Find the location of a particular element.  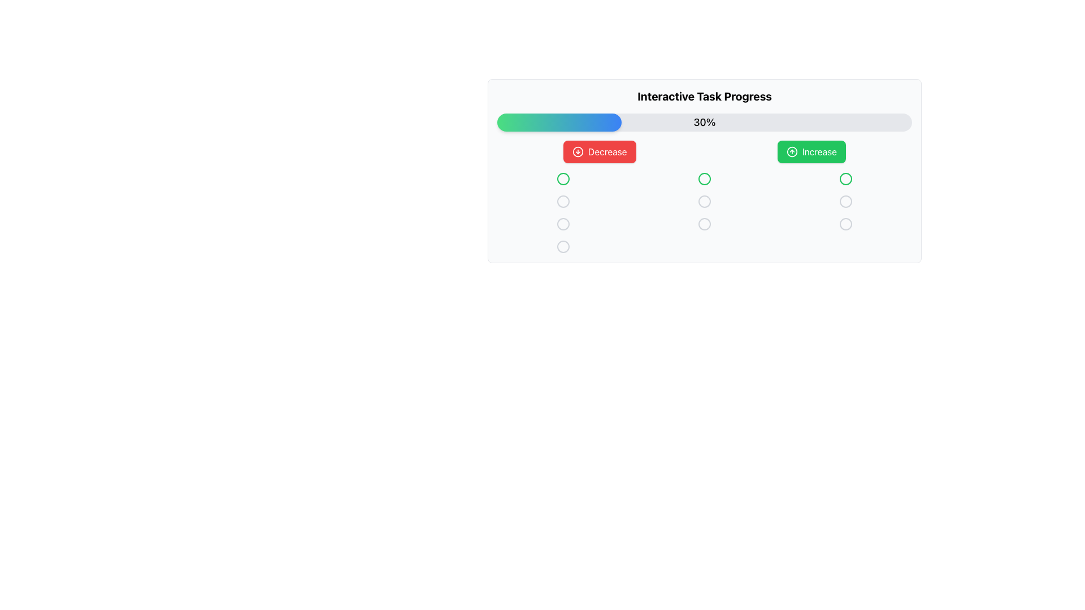

the 'Decrease' button which contains the label 'Decrease' styled with white font on a red background is located at coordinates (607, 151).